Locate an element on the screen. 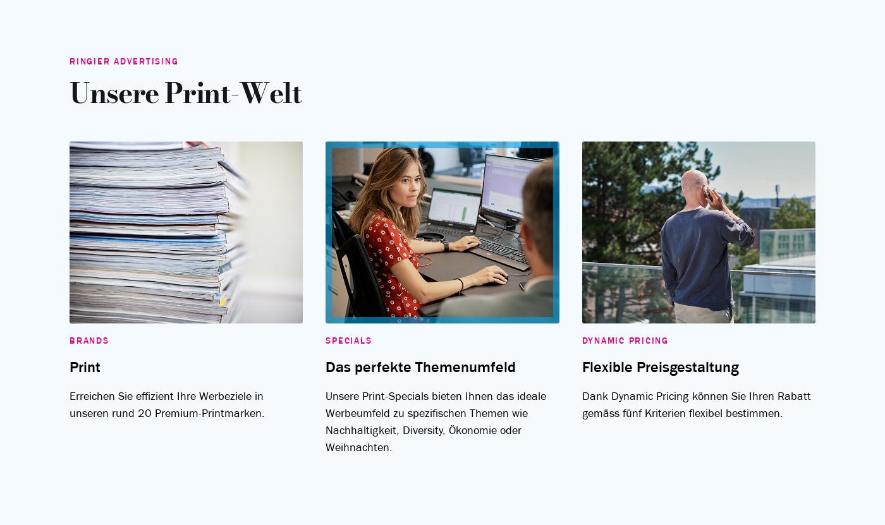  'Ringier Advertising' is located at coordinates (806, 260).